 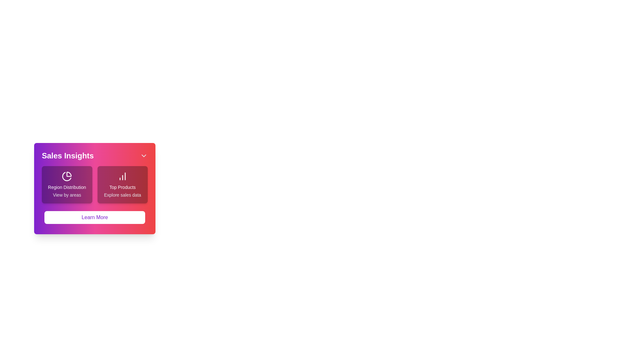 I want to click on the text label that reads 'View by areas', which is located under the 'Region Distribution' title in the purple card of the 'Sales Insights' section, so click(x=67, y=194).